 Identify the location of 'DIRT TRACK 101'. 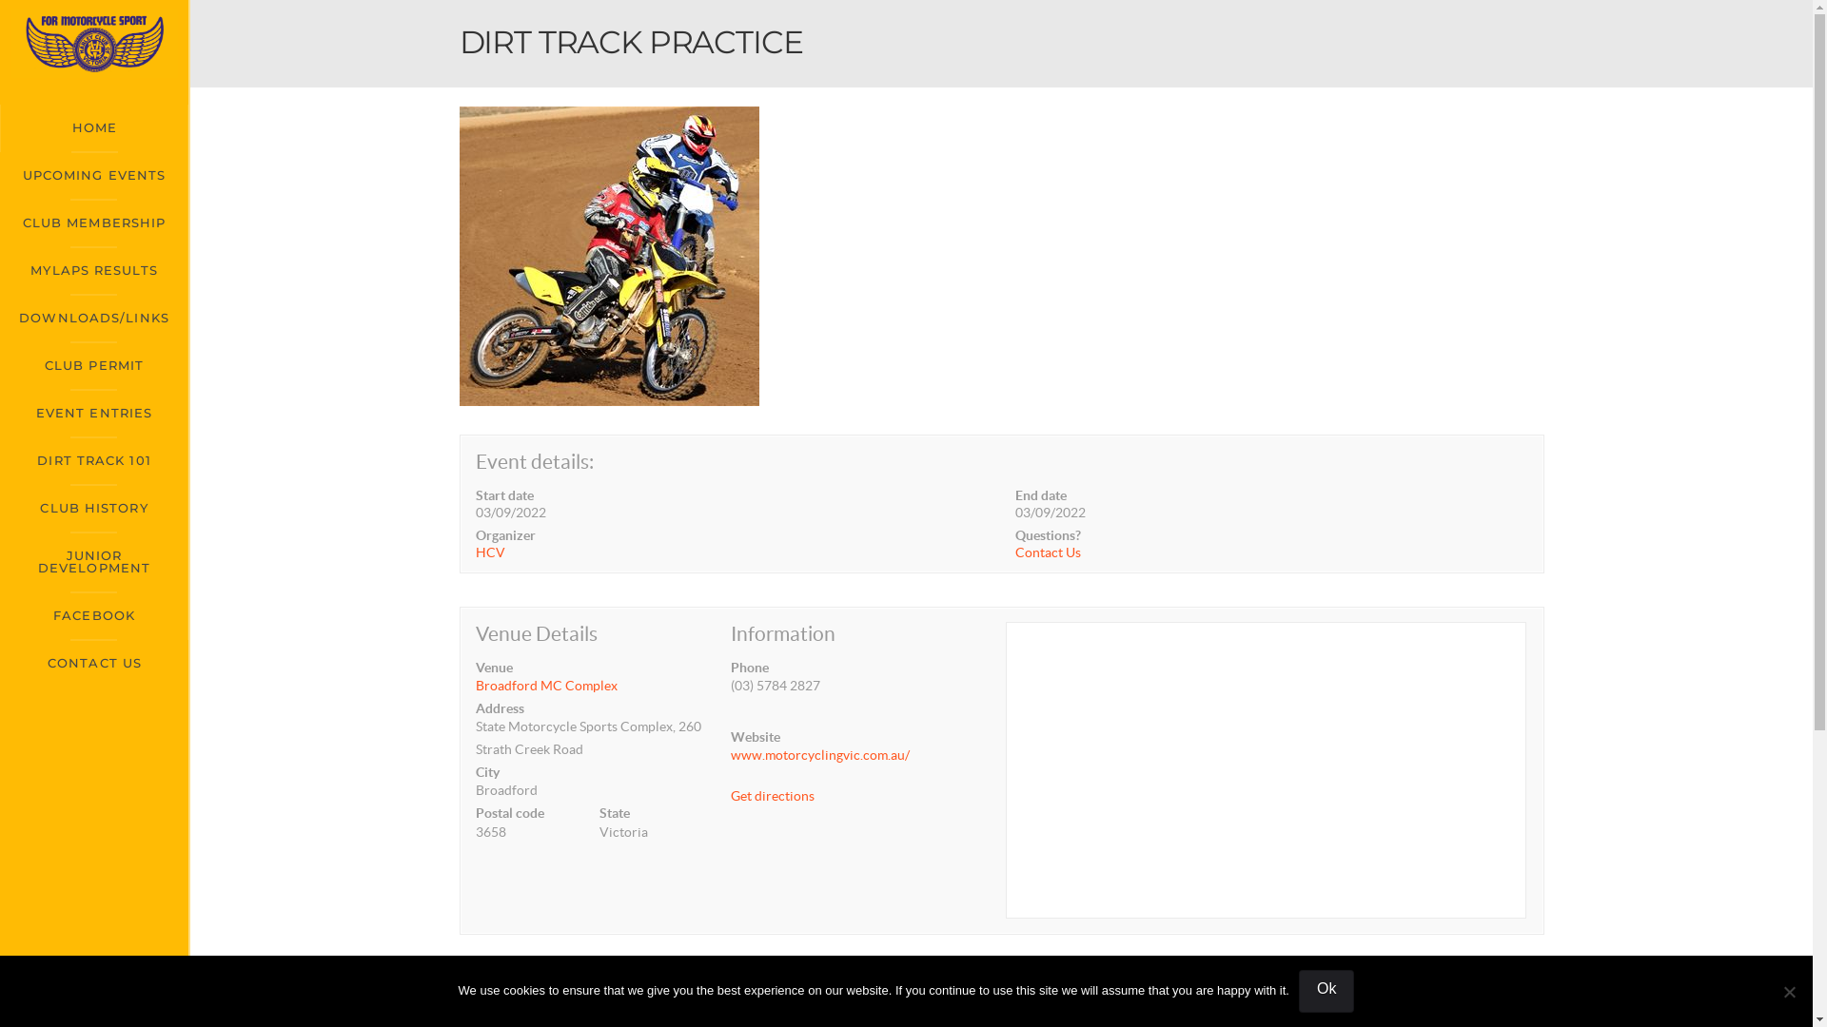
(0, 461).